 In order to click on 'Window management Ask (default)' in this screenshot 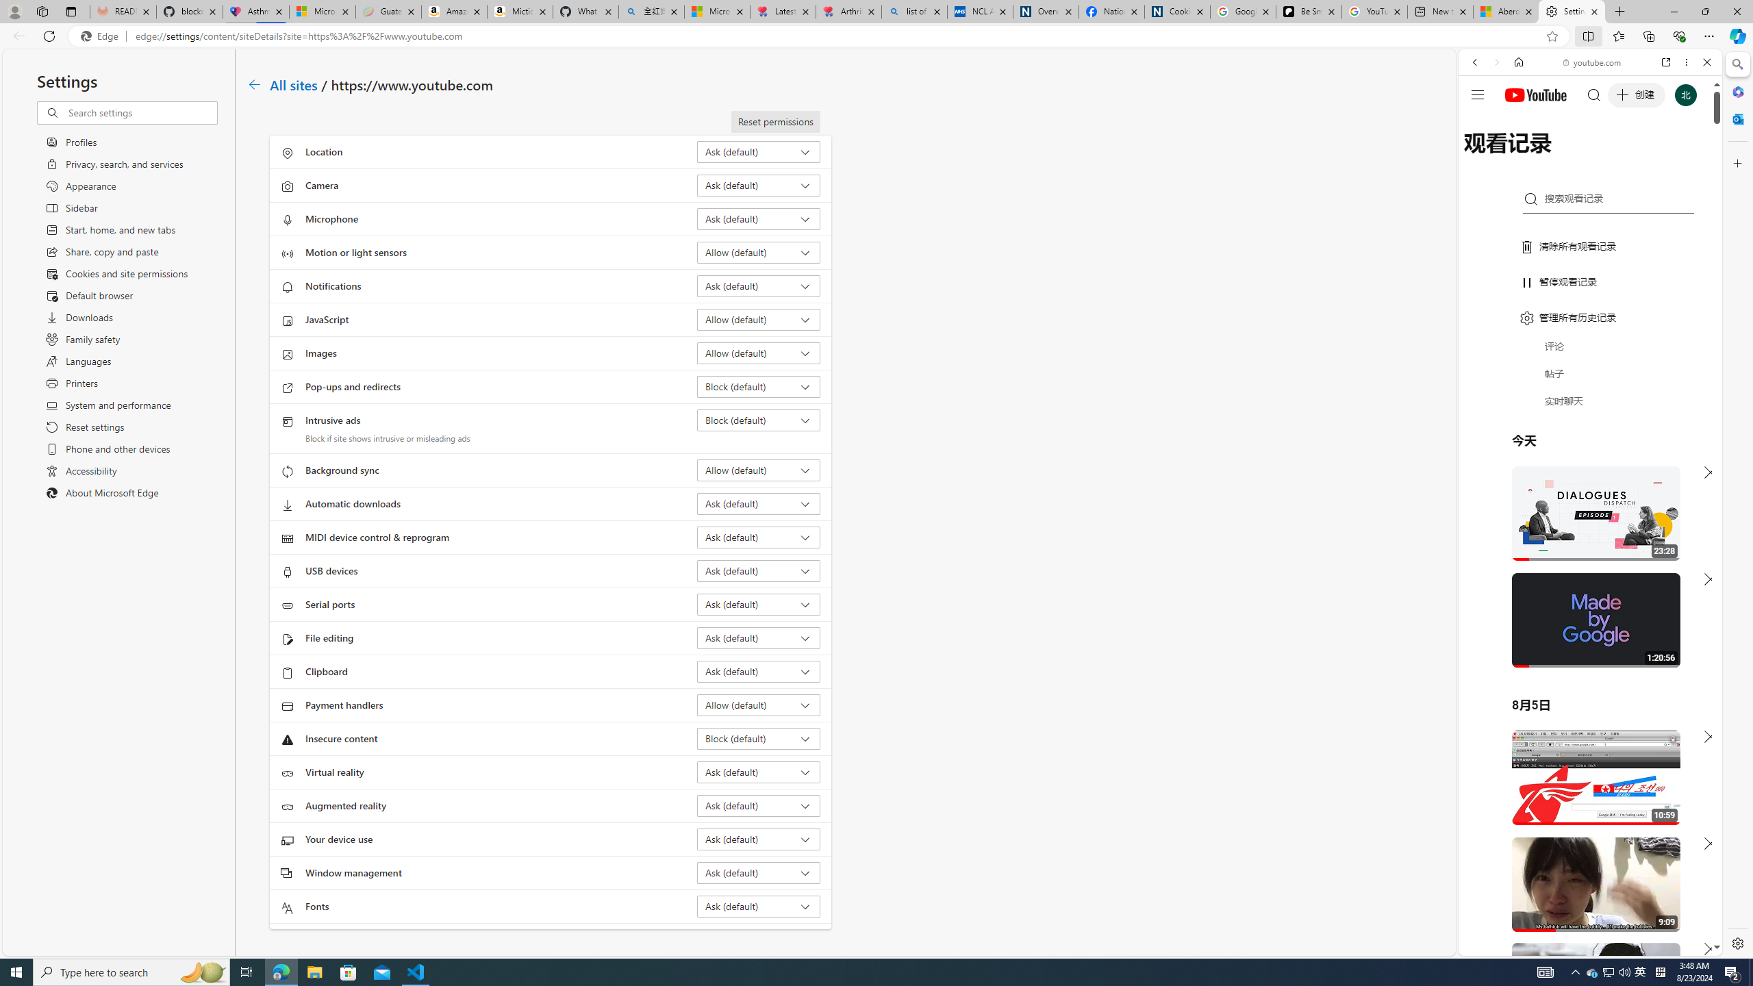, I will do `click(759, 873)`.